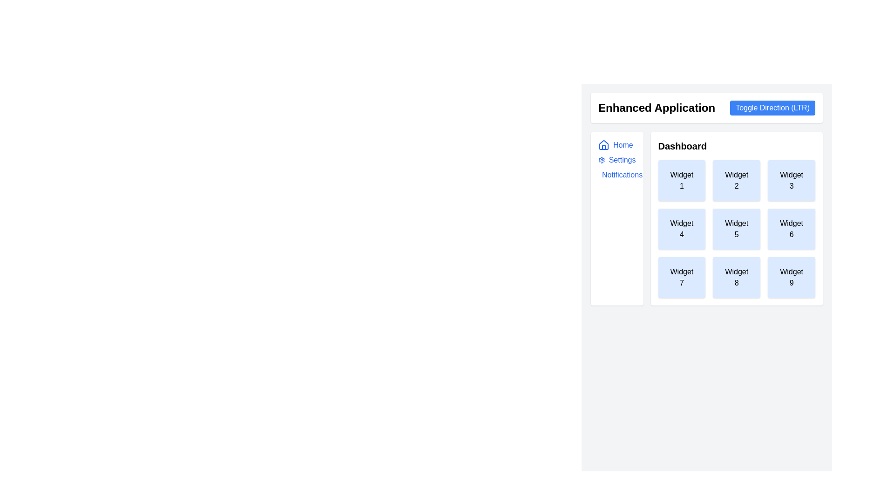 This screenshot has height=503, width=894. Describe the element at coordinates (603, 145) in the screenshot. I see `the 'Home' icon located in the sidebar, which indicates the importance of the 'Home' section` at that location.